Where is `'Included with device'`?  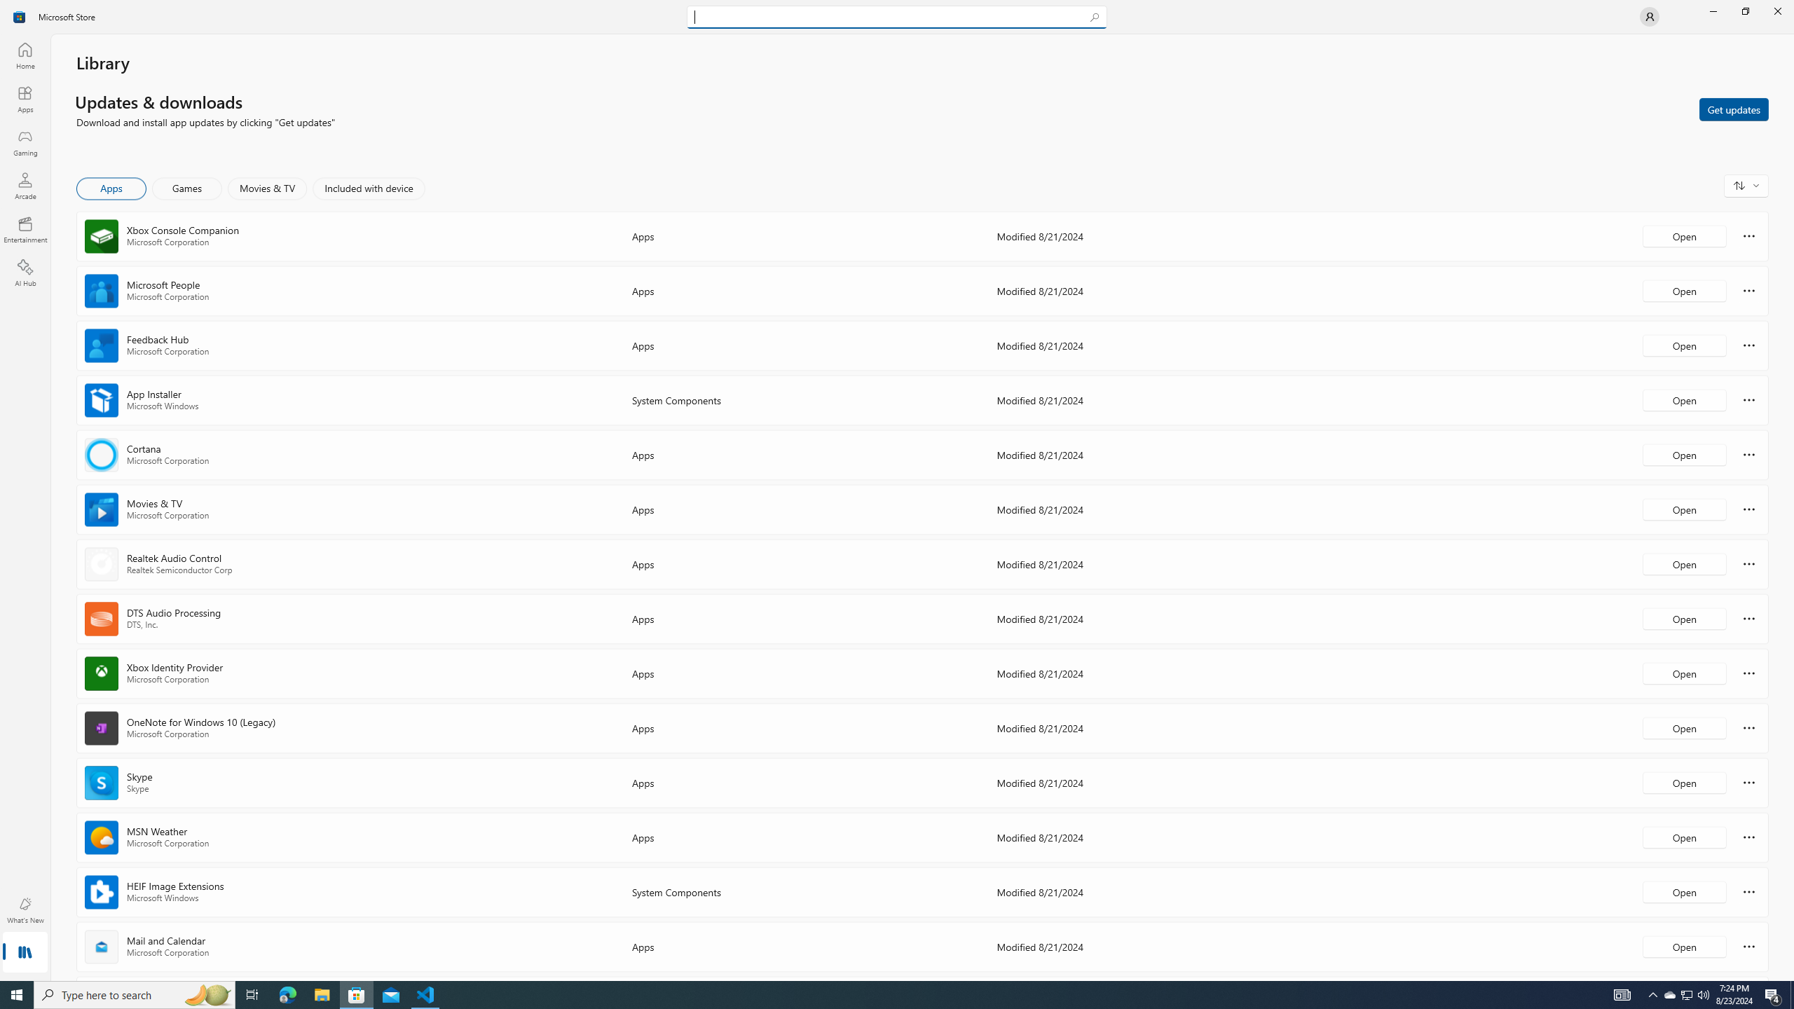
'Included with device' is located at coordinates (368, 188).